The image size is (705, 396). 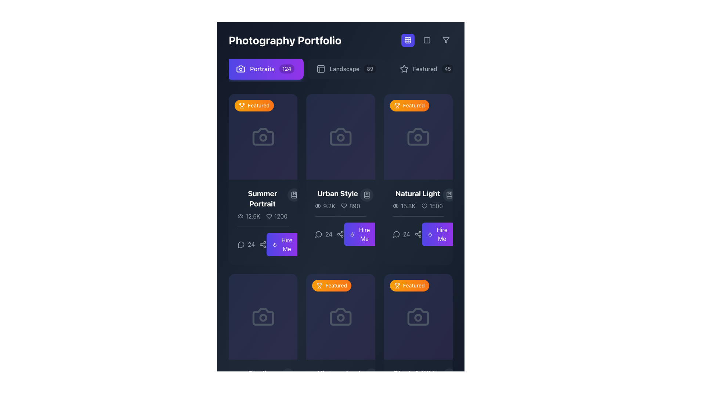 What do you see at coordinates (418, 234) in the screenshot?
I see `the share button represented by a share icon with three connected circles at the bottom of the 'Natural Light' section in the third card of the top row to share the content` at bounding box center [418, 234].